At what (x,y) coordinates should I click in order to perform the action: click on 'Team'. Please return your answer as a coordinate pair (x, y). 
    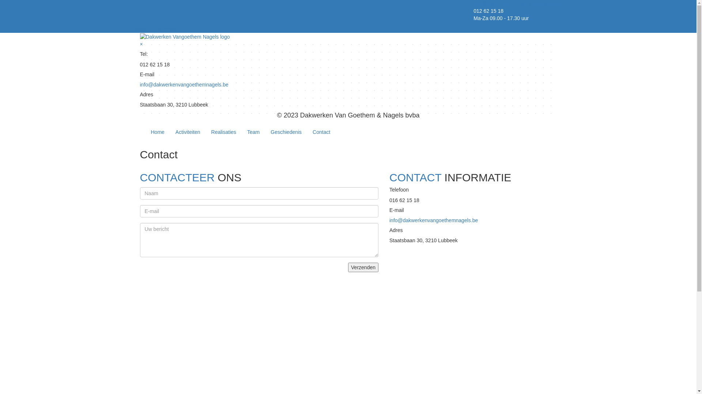
    Looking at the image, I should click on (253, 132).